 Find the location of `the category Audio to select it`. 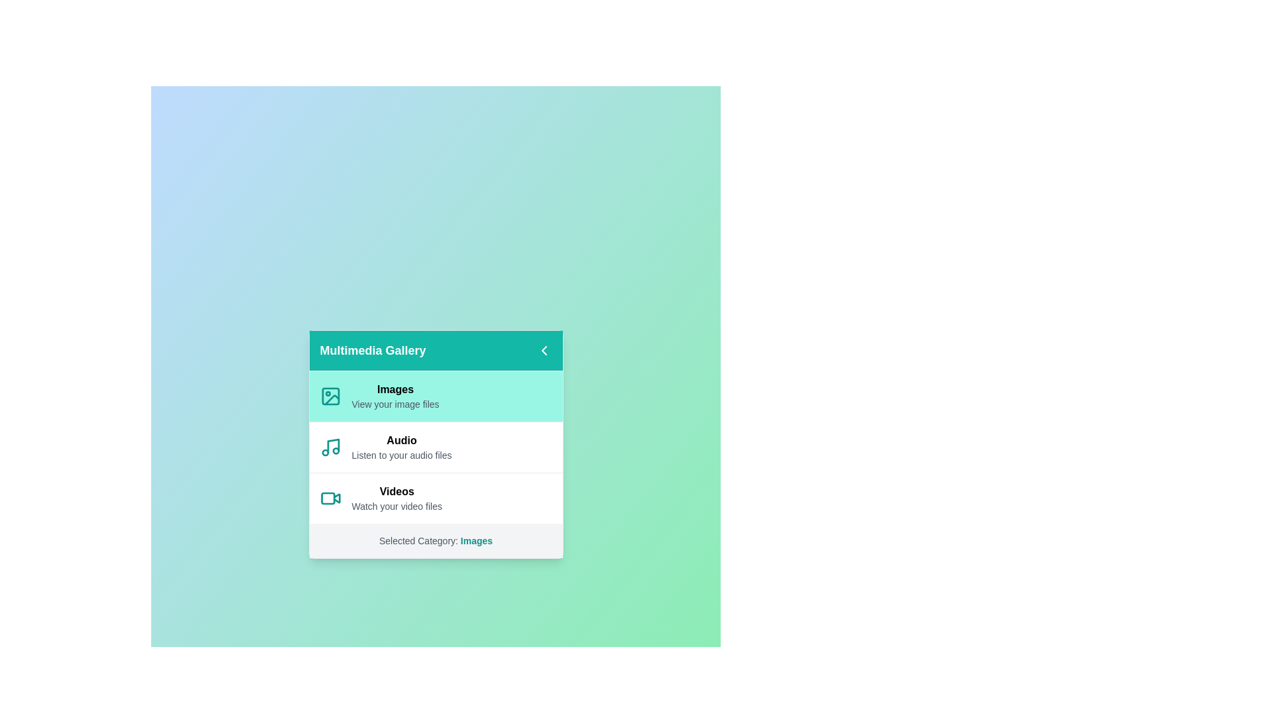

the category Audio to select it is located at coordinates (436, 447).